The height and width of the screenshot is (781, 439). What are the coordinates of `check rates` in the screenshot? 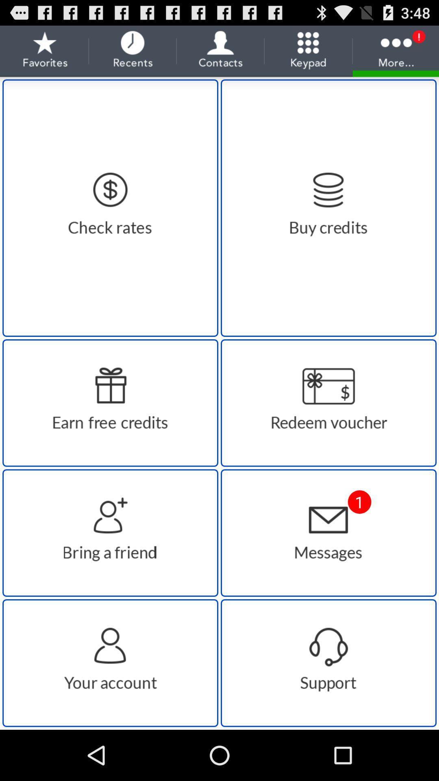 It's located at (110, 208).